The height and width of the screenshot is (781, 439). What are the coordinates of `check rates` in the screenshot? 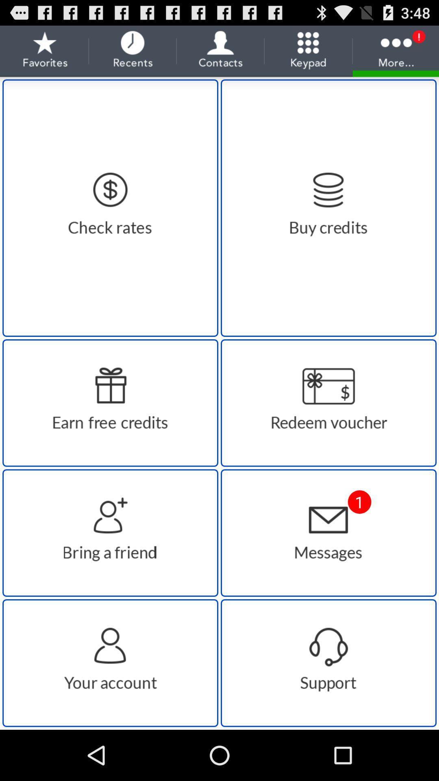 It's located at (110, 208).